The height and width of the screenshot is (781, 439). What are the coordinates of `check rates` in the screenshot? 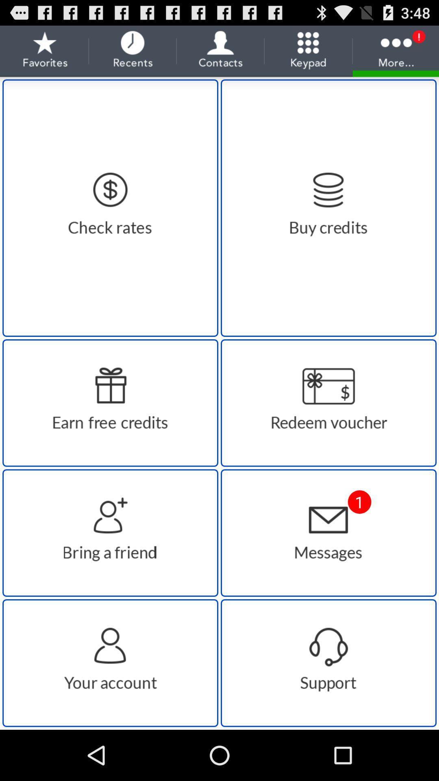 It's located at (110, 208).